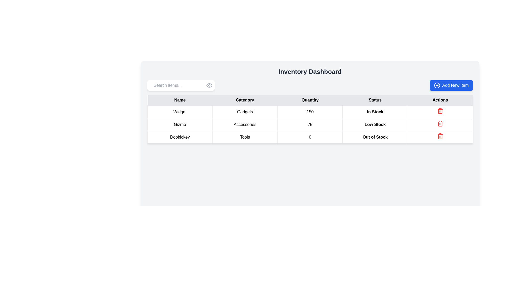  Describe the element at coordinates (245, 111) in the screenshot. I see `the static text element displaying 'Gadgets' in bold, black font, located in the second column of the first row of the main data table under the 'Category' header` at that location.